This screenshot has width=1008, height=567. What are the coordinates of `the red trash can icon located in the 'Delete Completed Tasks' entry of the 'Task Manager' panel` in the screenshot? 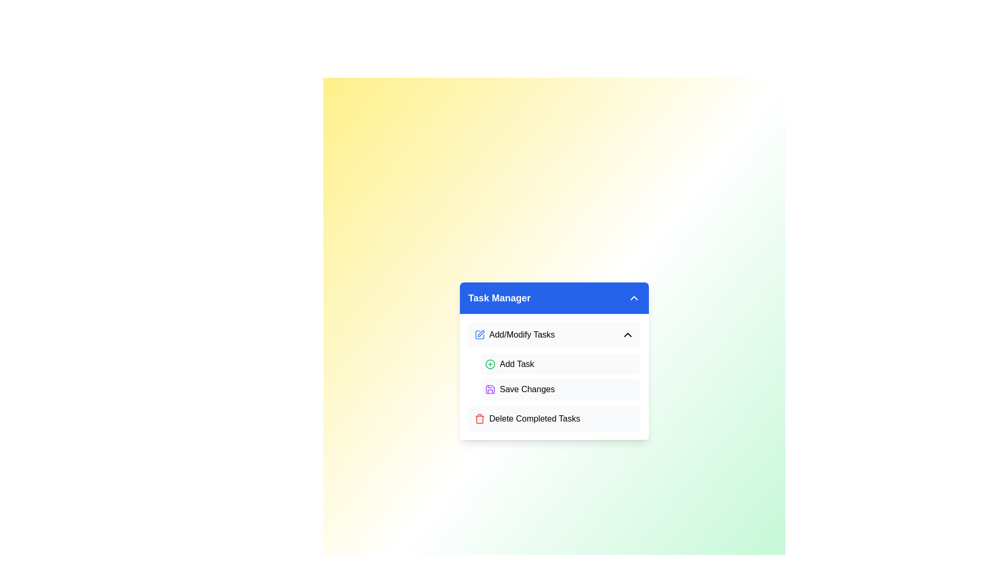 It's located at (479, 418).